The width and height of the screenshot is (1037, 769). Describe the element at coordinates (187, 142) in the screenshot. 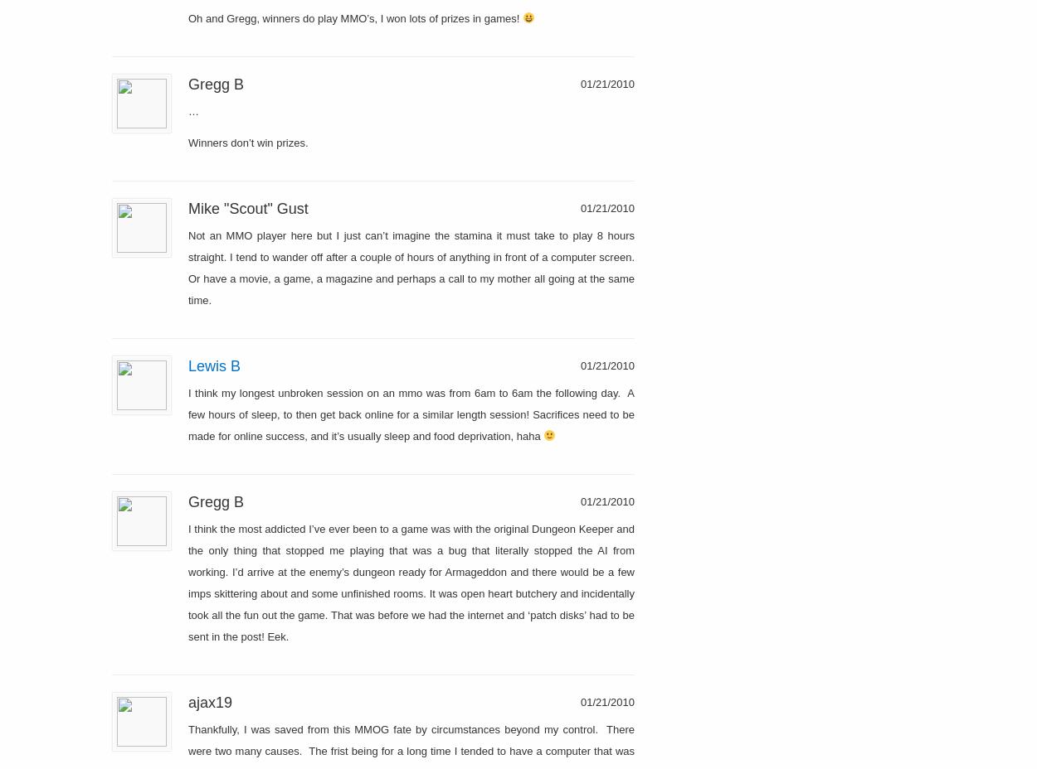

I see `'Winners don’t win prizes.'` at that location.